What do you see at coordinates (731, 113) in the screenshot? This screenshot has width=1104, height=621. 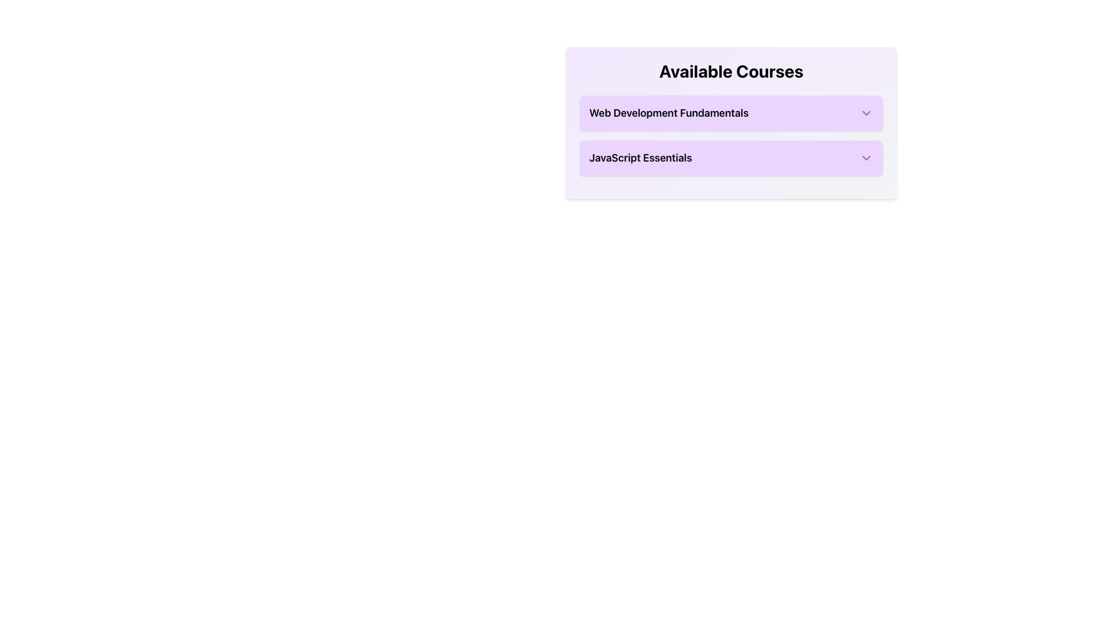 I see `the first course item header in the 'Available Courses' section, which allows users` at bounding box center [731, 113].